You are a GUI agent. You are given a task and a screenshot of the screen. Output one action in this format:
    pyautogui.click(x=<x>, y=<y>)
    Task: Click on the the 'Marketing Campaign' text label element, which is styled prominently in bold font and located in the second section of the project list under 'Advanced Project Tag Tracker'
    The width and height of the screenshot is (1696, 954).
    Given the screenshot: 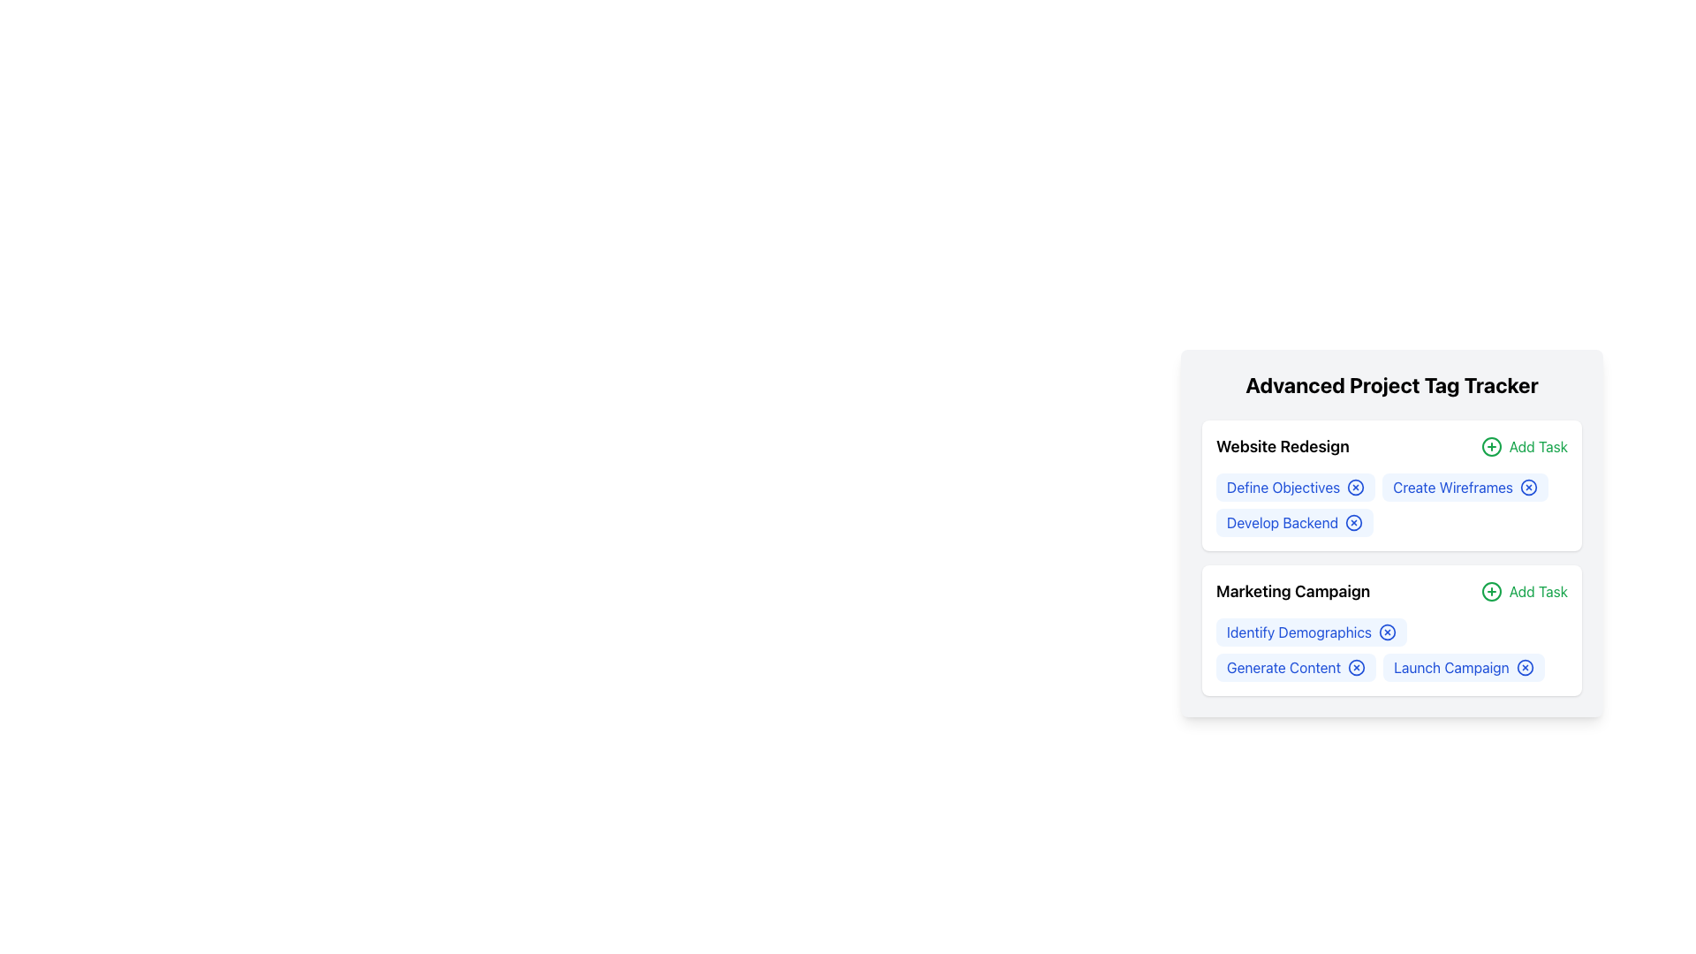 What is the action you would take?
    pyautogui.click(x=1293, y=592)
    